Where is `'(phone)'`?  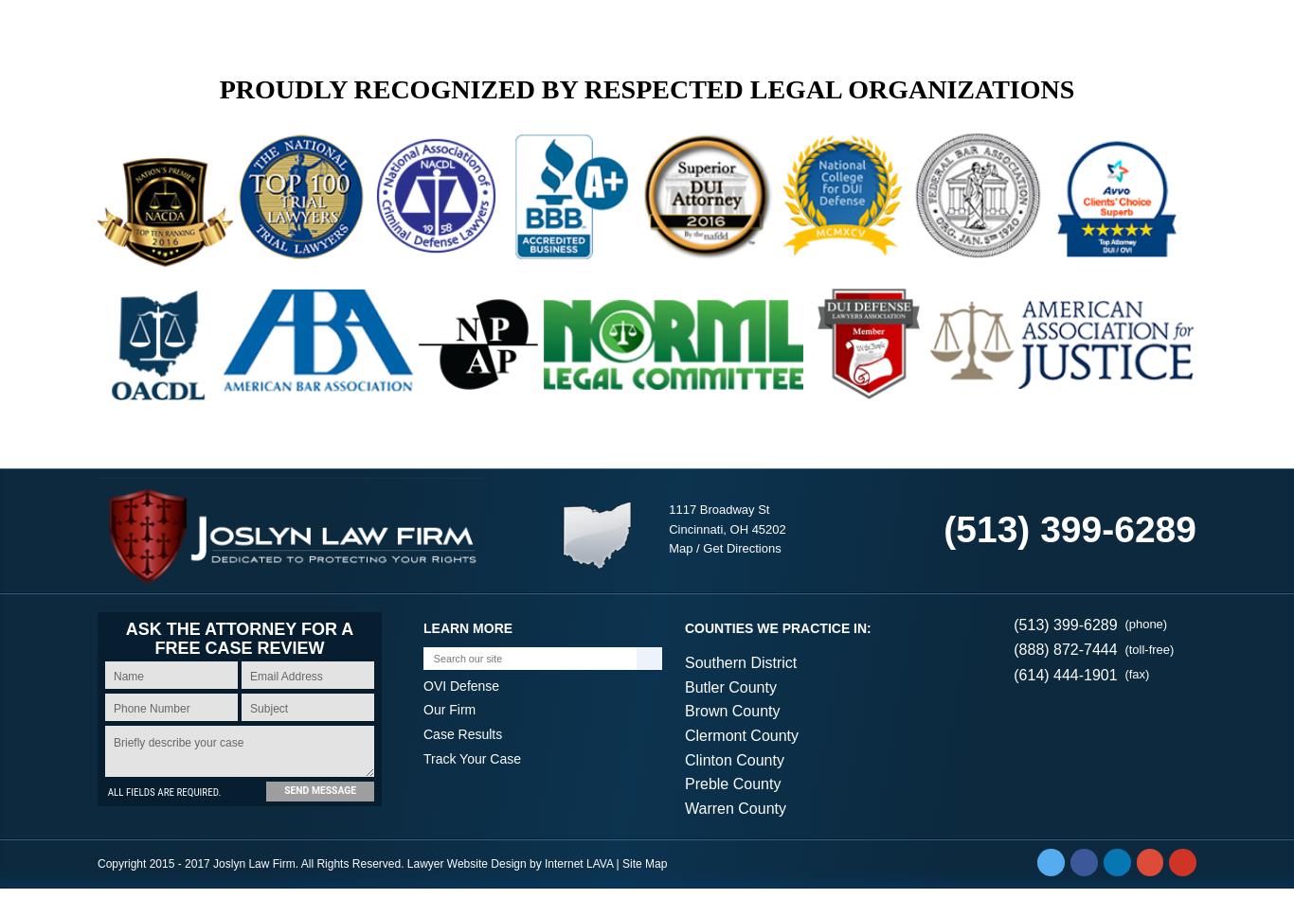
'(phone)' is located at coordinates (1145, 633).